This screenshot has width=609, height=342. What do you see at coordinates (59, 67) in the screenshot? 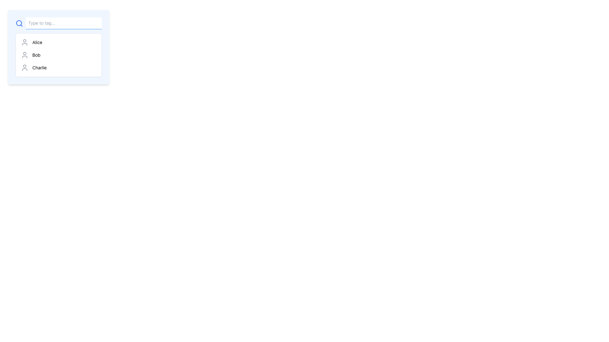
I see `the third list item representing the user 'Charlie'` at bounding box center [59, 67].